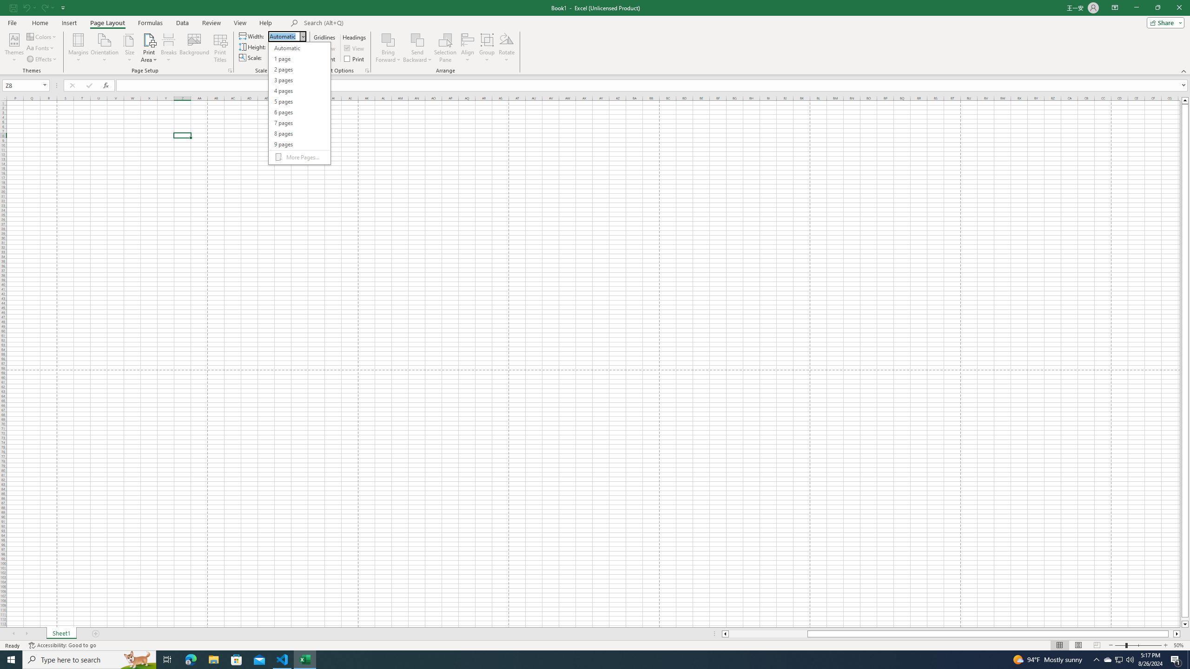 This screenshot has height=669, width=1190. I want to click on 'Breaks', so click(168, 48).